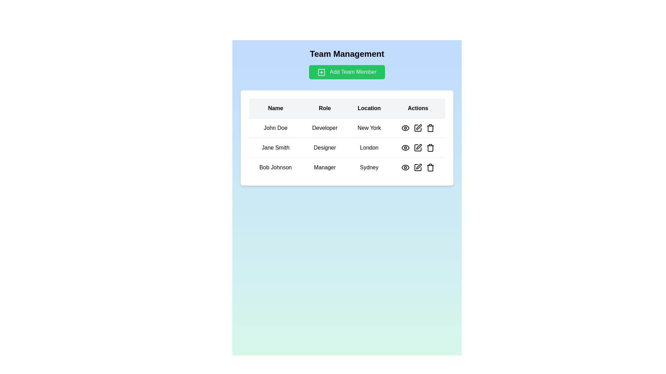 The image size is (666, 374). I want to click on the outer oval shape of the 'eye' icon in the 'Actions' column for 'Bob Johnson', so click(405, 167).